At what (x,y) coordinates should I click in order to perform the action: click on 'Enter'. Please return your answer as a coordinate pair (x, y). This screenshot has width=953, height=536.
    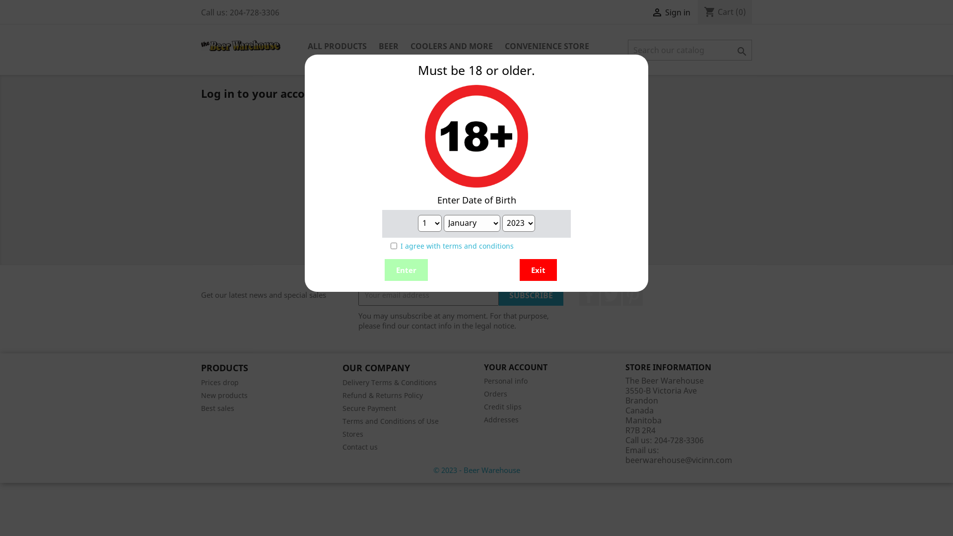
    Looking at the image, I should click on (406, 269).